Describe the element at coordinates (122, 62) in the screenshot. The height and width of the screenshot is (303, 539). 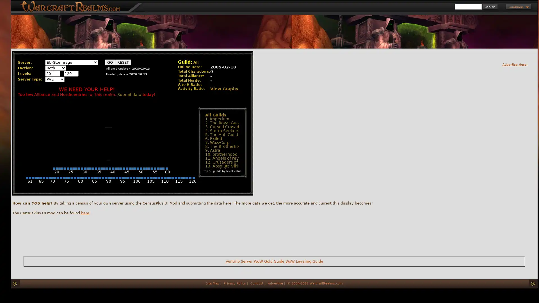
I see `RESET` at that location.